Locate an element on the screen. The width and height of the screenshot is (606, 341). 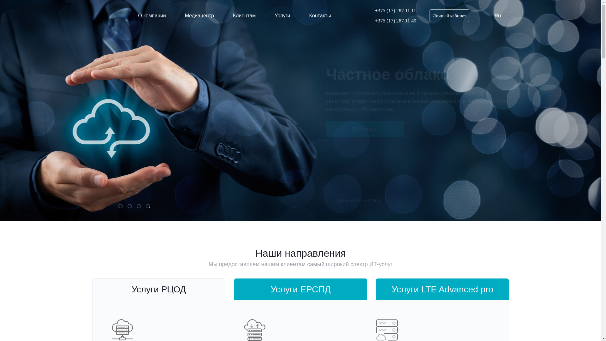
'beCloud' is located at coordinates (107, 15).